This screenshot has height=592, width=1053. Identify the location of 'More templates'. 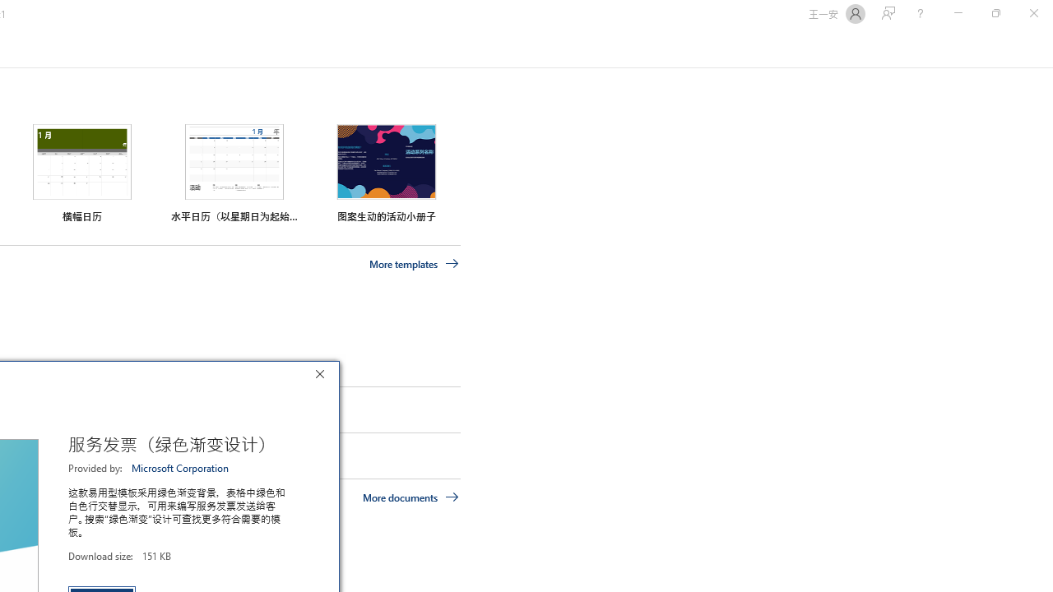
(414, 263).